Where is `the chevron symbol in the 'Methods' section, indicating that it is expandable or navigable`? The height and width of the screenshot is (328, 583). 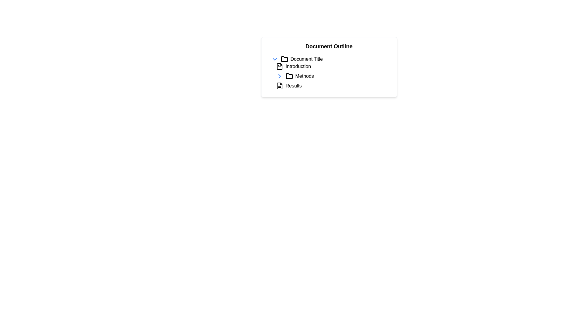
the chevron symbol in the 'Methods' section, indicating that it is expandable or navigable is located at coordinates (279, 76).